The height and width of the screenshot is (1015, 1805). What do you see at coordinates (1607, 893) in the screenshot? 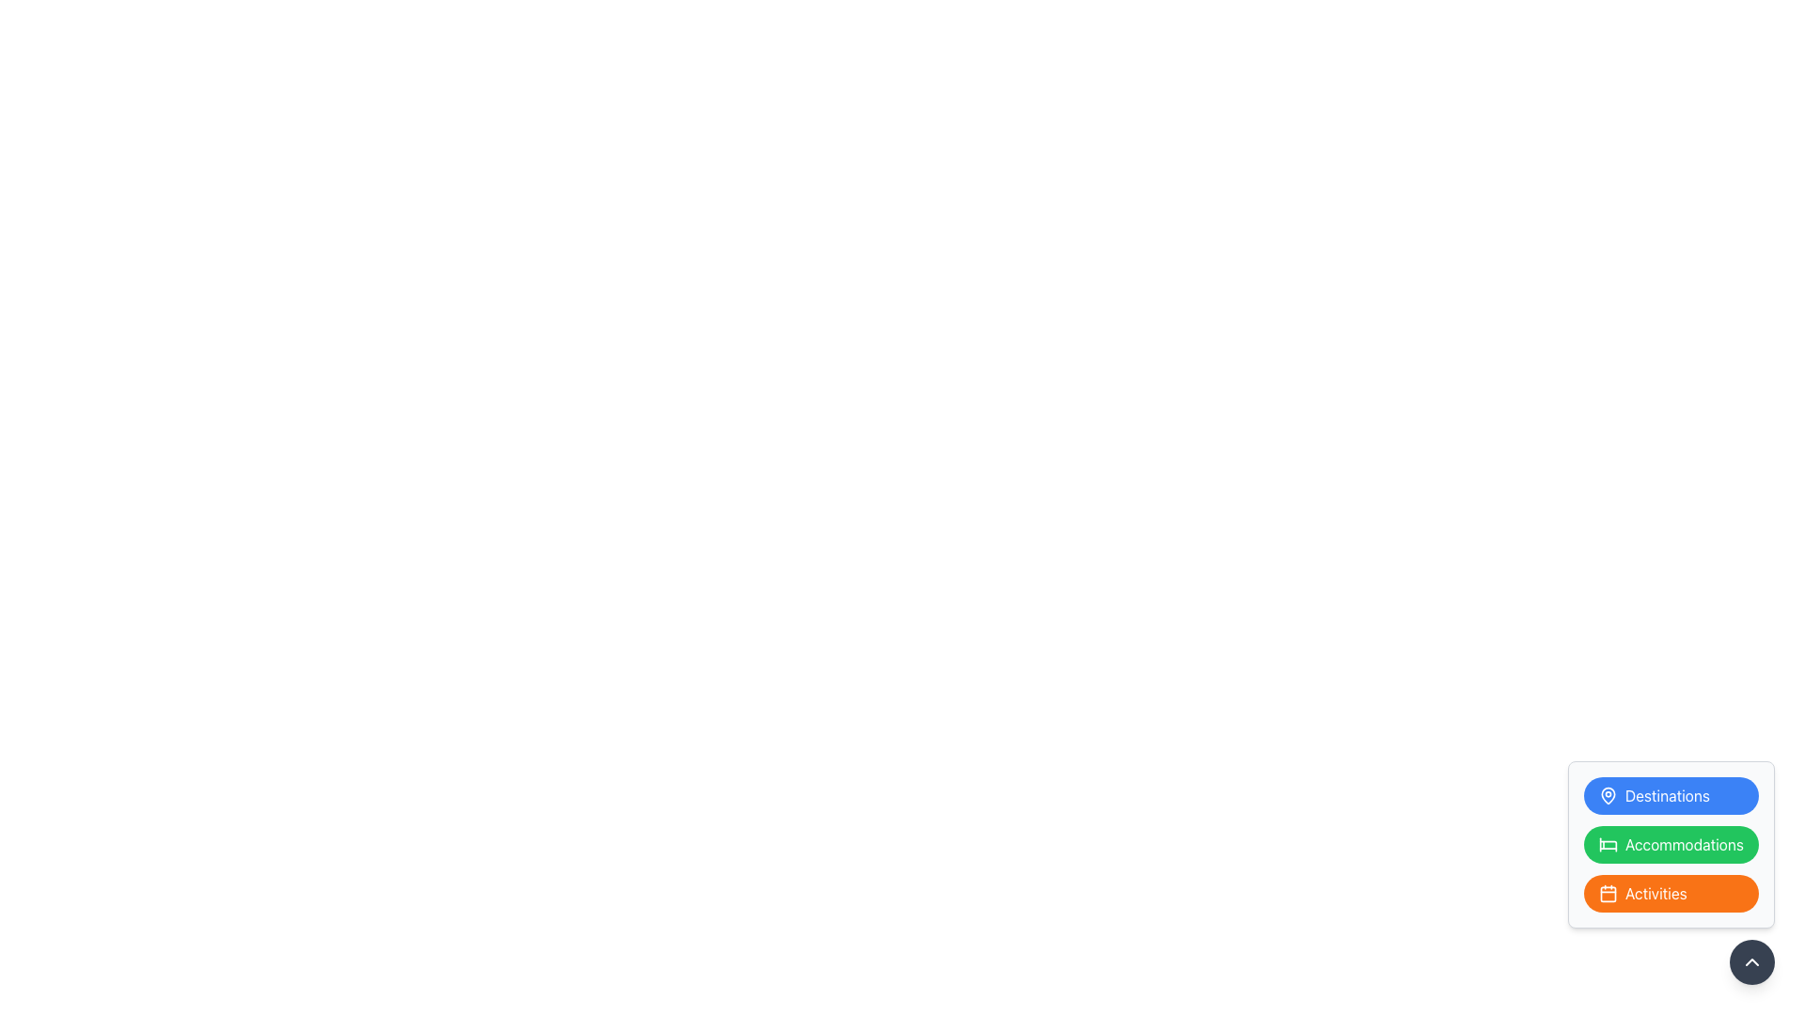
I see `the bright orange SVG Rectangle labeled 'Activities' located at the bottom right corner of the interface` at bounding box center [1607, 893].